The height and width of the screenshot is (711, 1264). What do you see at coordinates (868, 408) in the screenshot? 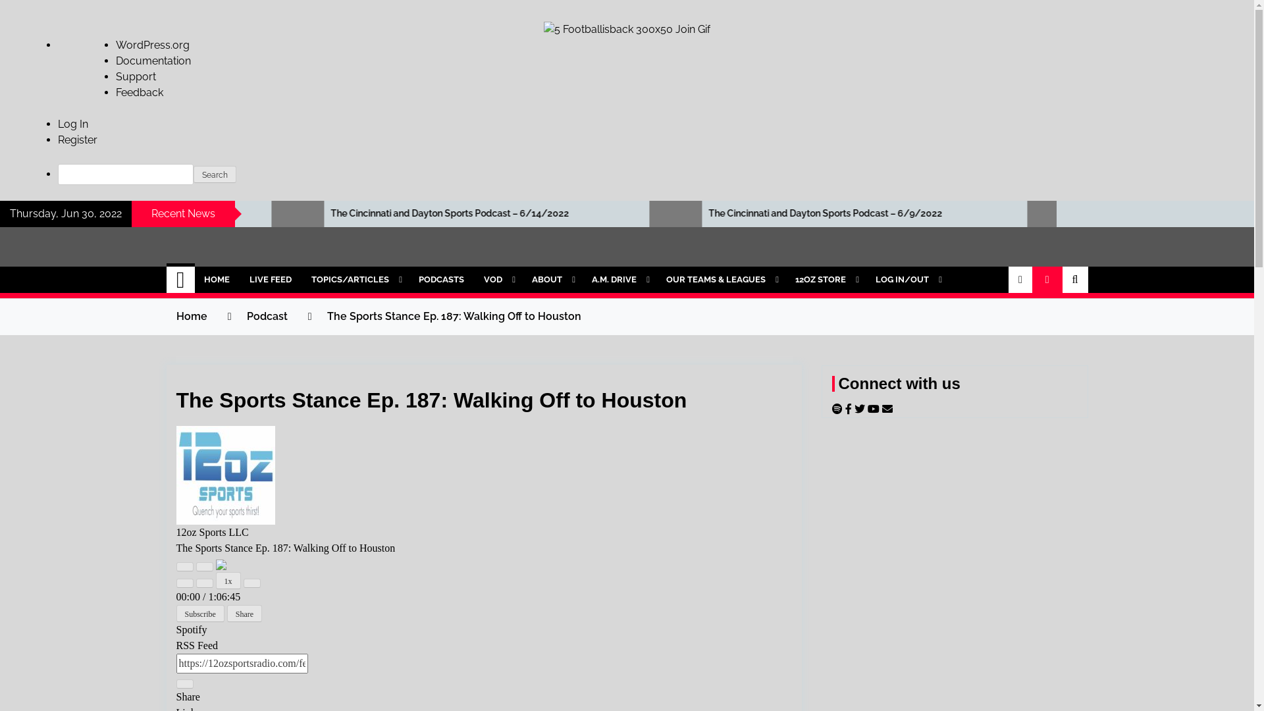
I see `'12oz Sports Network on Youtube'` at bounding box center [868, 408].